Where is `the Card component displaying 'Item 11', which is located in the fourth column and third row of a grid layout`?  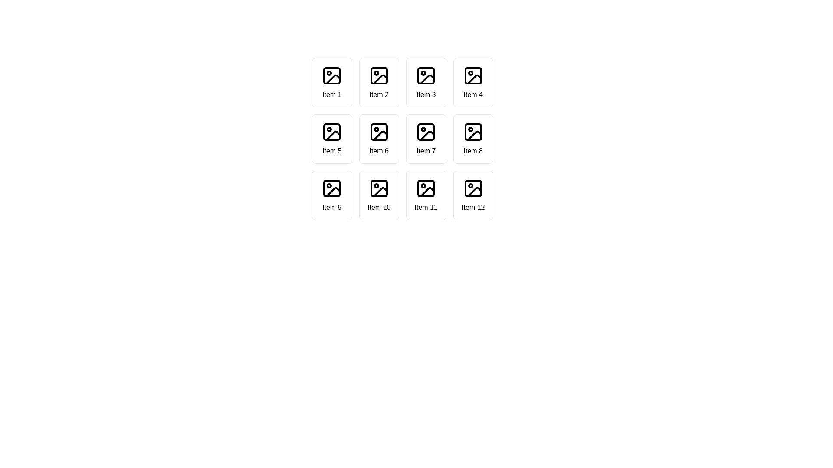
the Card component displaying 'Item 11', which is located in the fourth column and third row of a grid layout is located at coordinates (426, 195).